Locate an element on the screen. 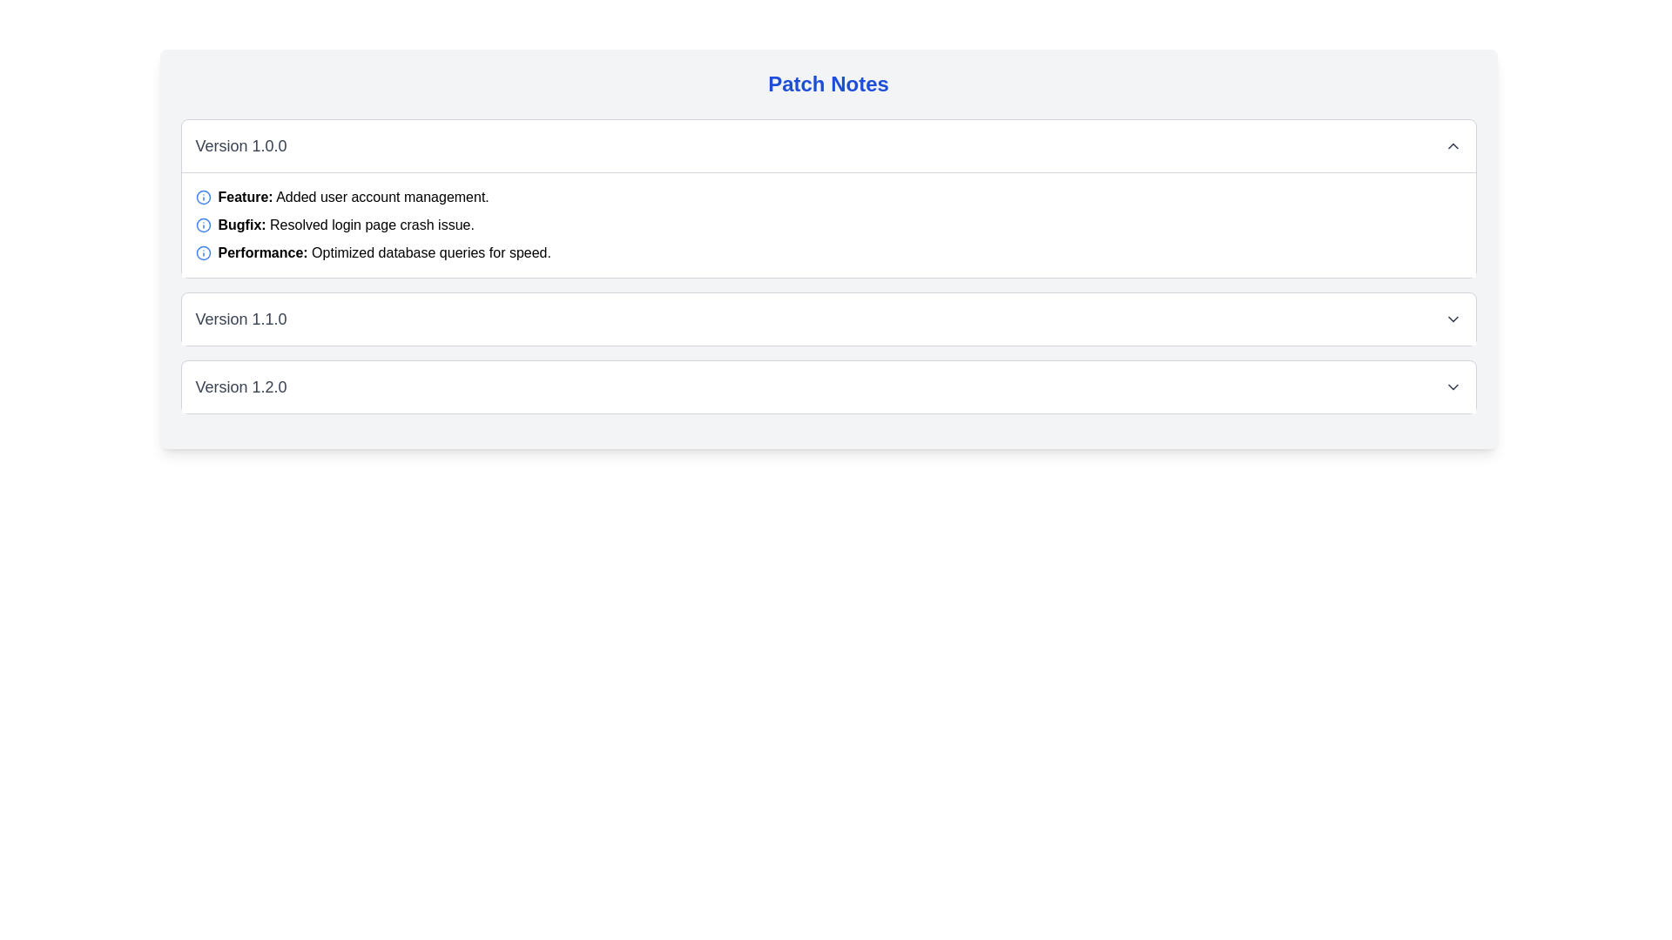  the interactive list item labeled 'Version 1.1.0' is located at coordinates (827, 319).